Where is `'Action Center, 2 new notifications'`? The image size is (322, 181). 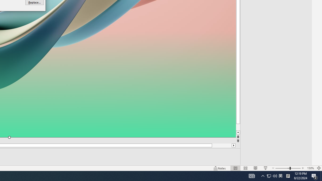
'Action Center, 2 new notifications' is located at coordinates (314, 175).